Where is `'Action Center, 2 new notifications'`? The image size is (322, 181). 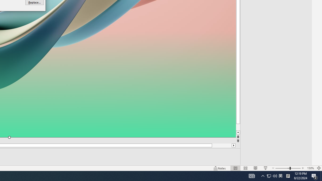
'Action Center, 2 new notifications' is located at coordinates (314, 175).